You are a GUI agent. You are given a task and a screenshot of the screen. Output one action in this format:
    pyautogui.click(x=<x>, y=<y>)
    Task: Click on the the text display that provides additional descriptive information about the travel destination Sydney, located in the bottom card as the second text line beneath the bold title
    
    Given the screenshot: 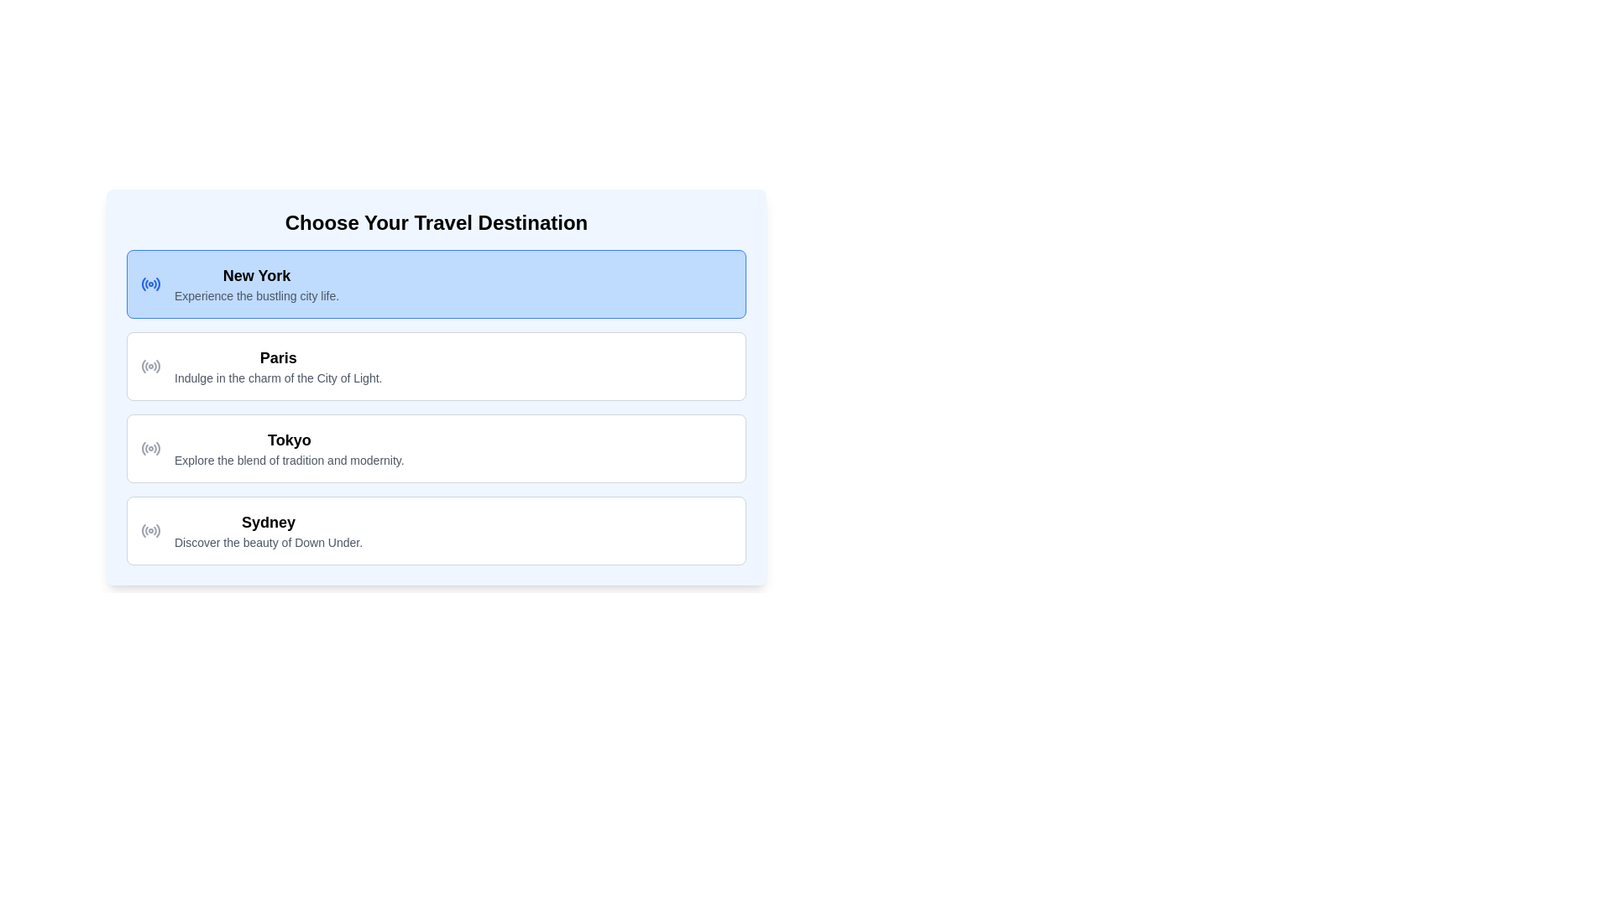 What is the action you would take?
    pyautogui.click(x=269, y=543)
    